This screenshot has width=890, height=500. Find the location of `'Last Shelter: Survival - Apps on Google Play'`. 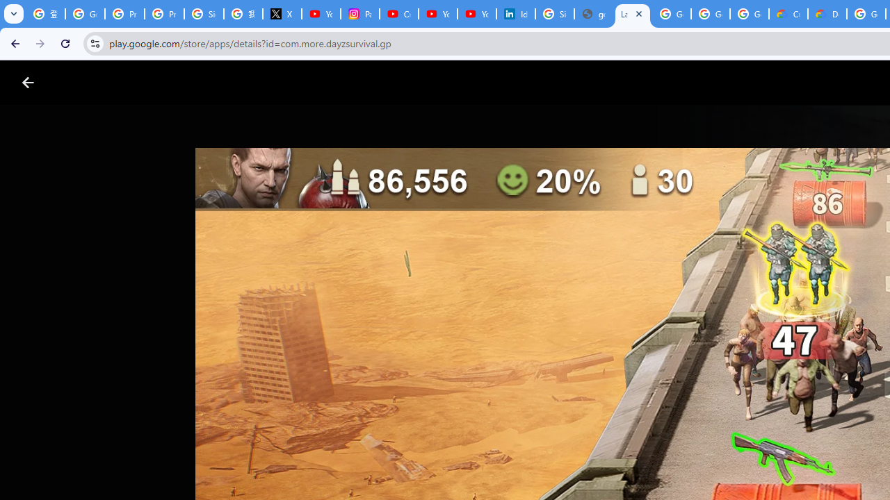

'Last Shelter: Survival - Apps on Google Play' is located at coordinates (632, 14).